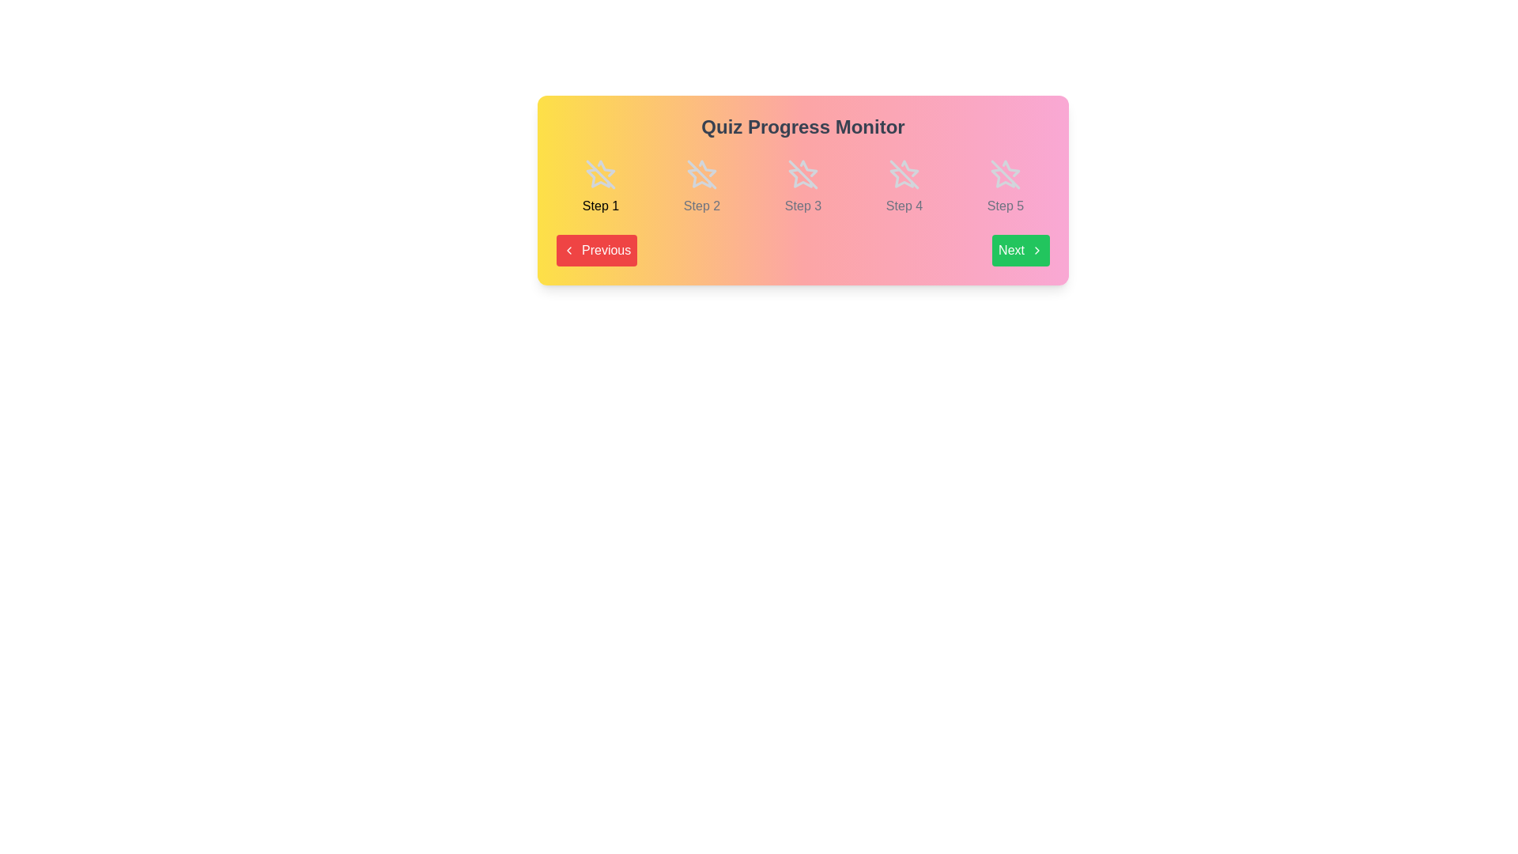  Describe the element at coordinates (701, 174) in the screenshot. I see `the disabled star icon representing step 2 in the Quiz Progress Monitor to mark or navigate to this step in the sequence` at that location.